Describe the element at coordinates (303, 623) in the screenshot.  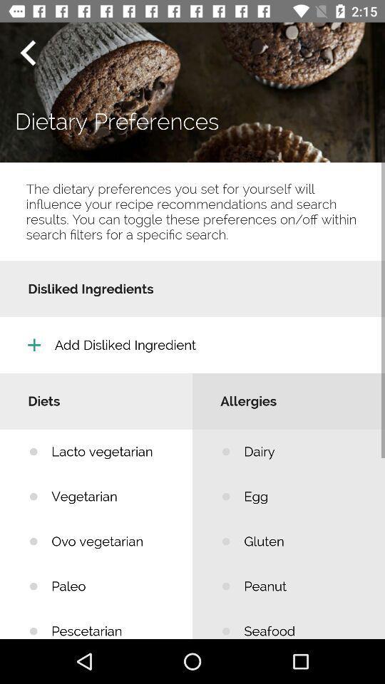
I see `the seafood` at that location.